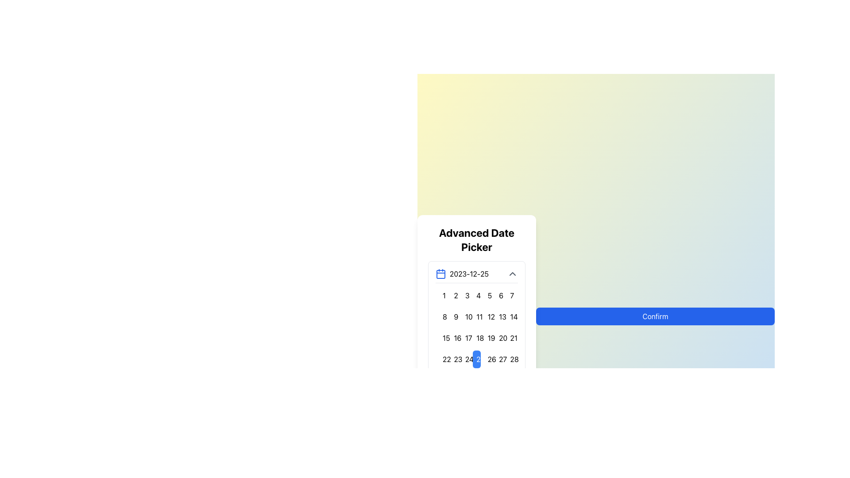  What do you see at coordinates (454, 316) in the screenshot?
I see `the selectable date button labeled '9' located in the second row and second column of the calendar interface` at bounding box center [454, 316].